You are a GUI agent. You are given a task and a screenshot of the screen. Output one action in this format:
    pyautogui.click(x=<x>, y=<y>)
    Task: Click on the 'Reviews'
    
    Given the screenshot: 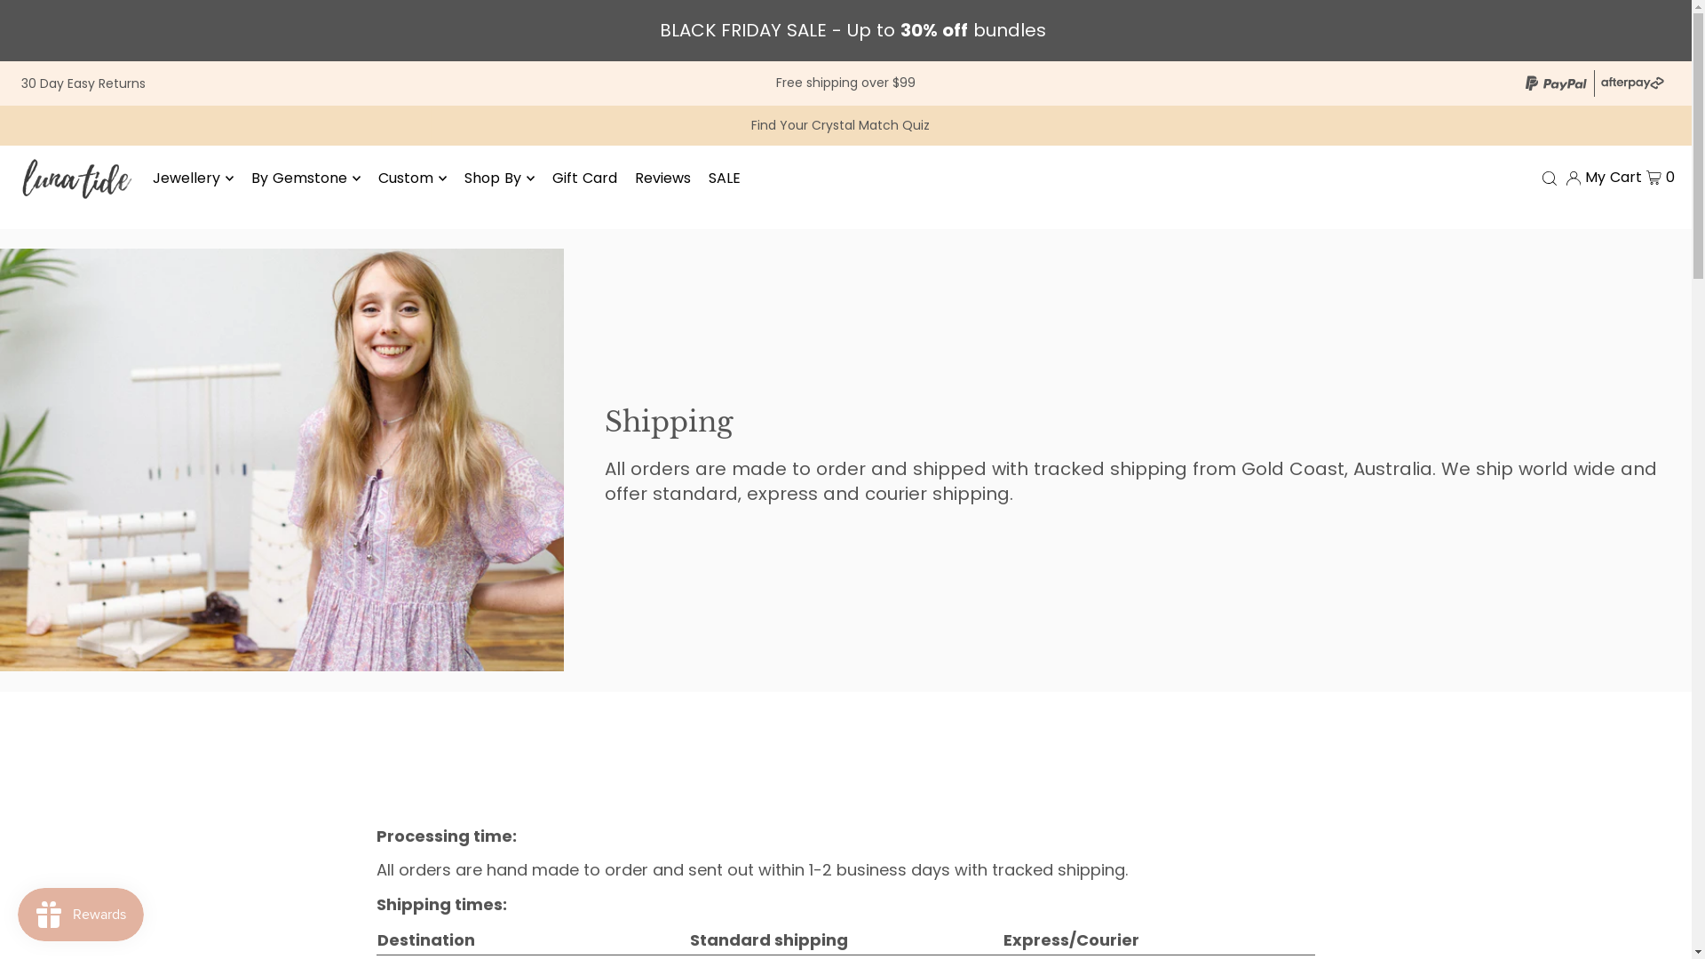 What is the action you would take?
    pyautogui.click(x=635, y=178)
    